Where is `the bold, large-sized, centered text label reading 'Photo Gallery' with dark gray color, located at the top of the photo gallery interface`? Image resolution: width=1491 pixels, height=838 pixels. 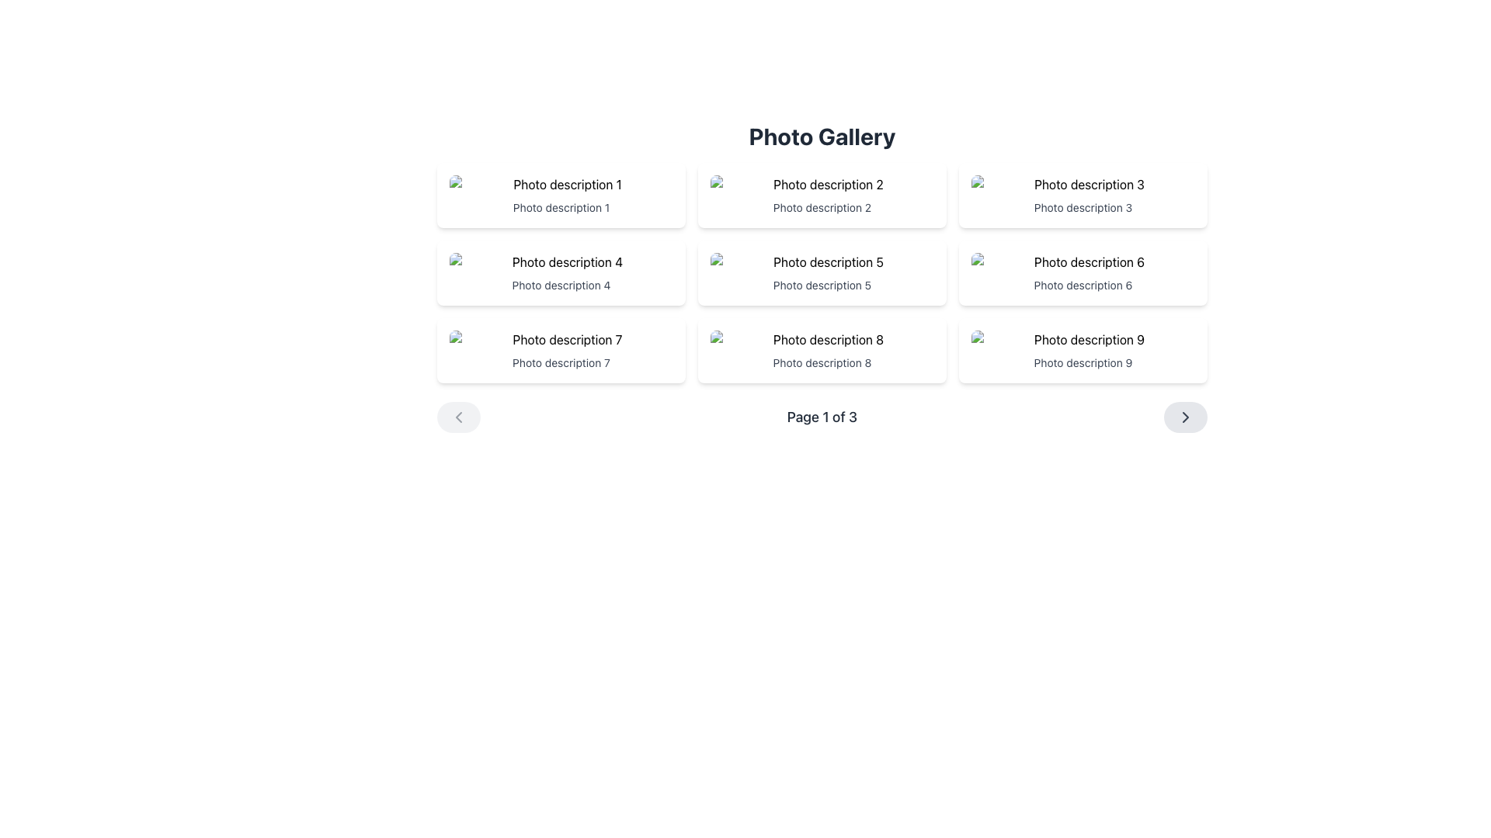
the bold, large-sized, centered text label reading 'Photo Gallery' with dark gray color, located at the top of the photo gallery interface is located at coordinates (822, 136).